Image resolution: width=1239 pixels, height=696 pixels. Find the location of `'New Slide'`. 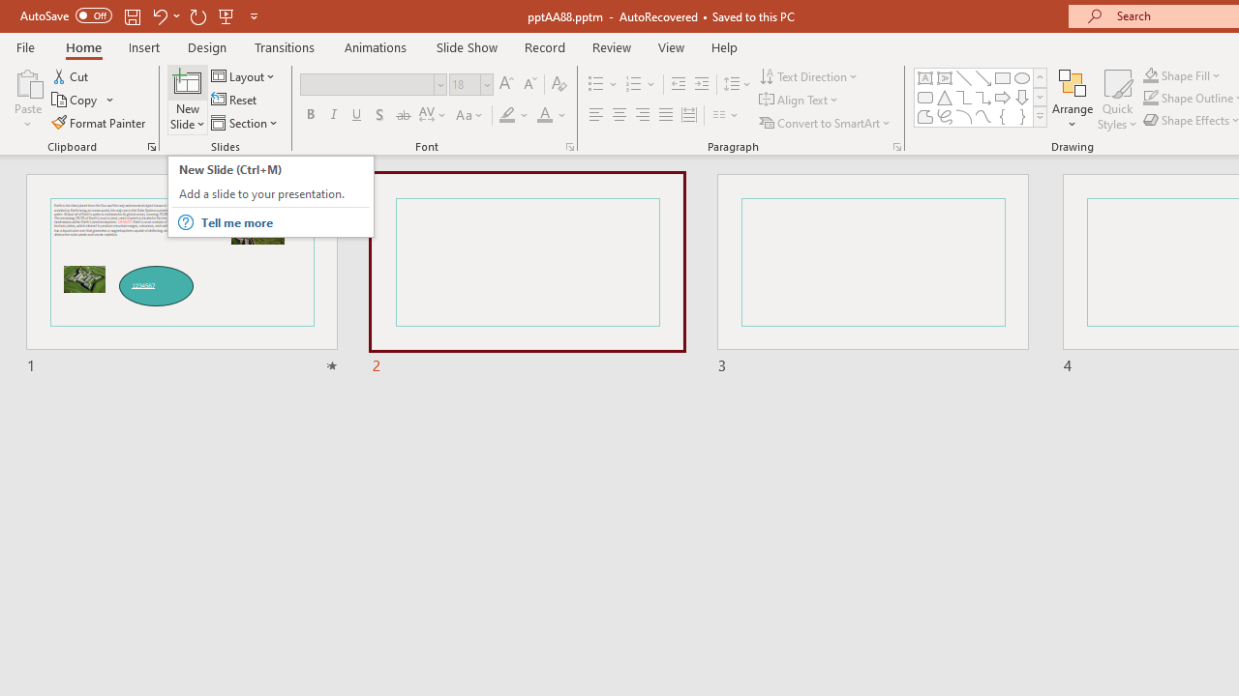

'New Slide' is located at coordinates (187, 81).